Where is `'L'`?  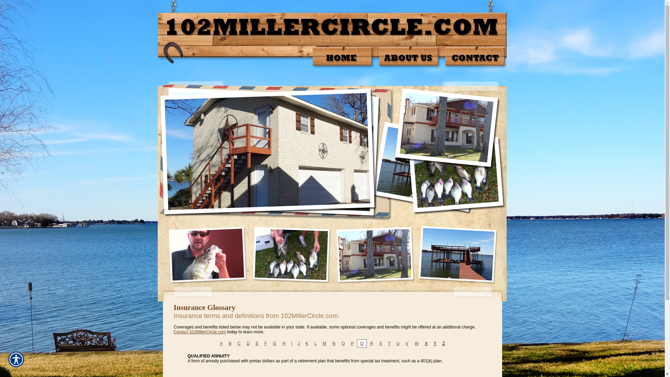 'L' is located at coordinates (315, 343).